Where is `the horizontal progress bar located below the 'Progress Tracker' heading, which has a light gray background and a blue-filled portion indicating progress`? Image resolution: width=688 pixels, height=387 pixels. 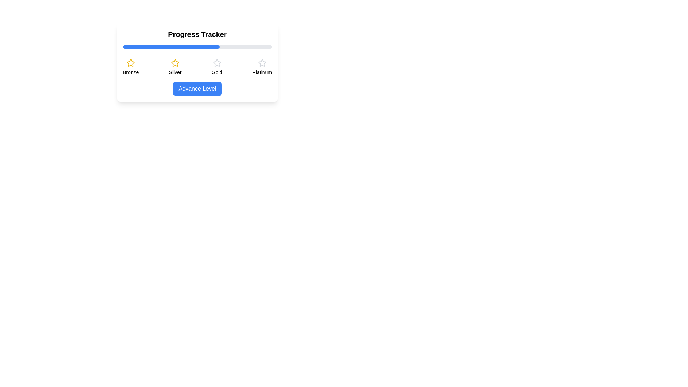
the horizontal progress bar located below the 'Progress Tracker' heading, which has a light gray background and a blue-filled portion indicating progress is located at coordinates (197, 47).